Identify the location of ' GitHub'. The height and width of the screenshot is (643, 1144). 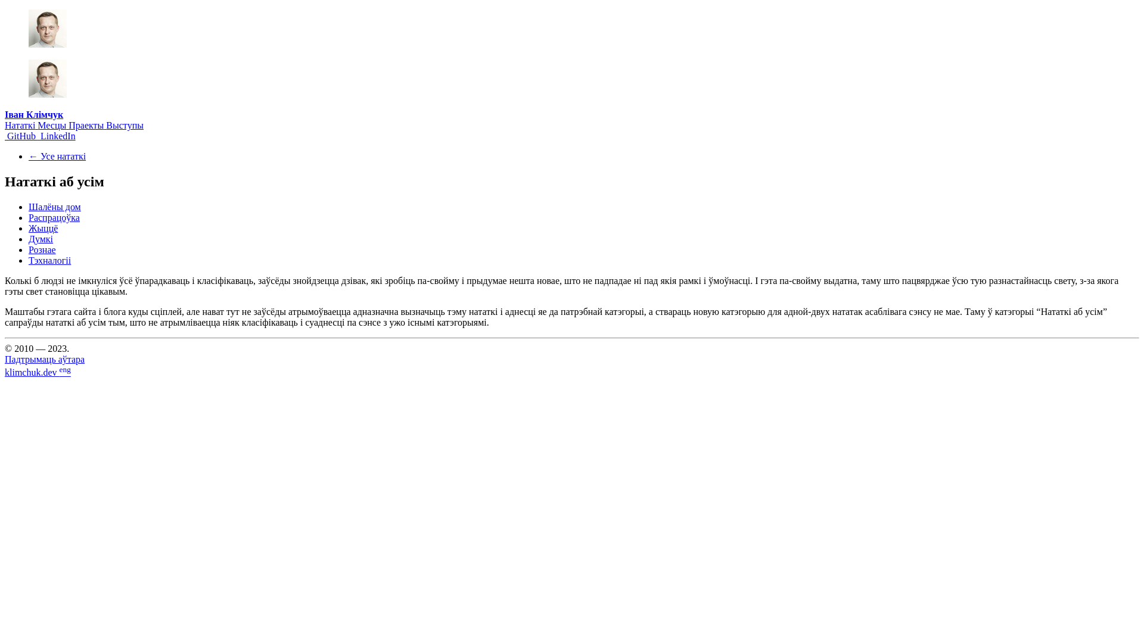
(21, 135).